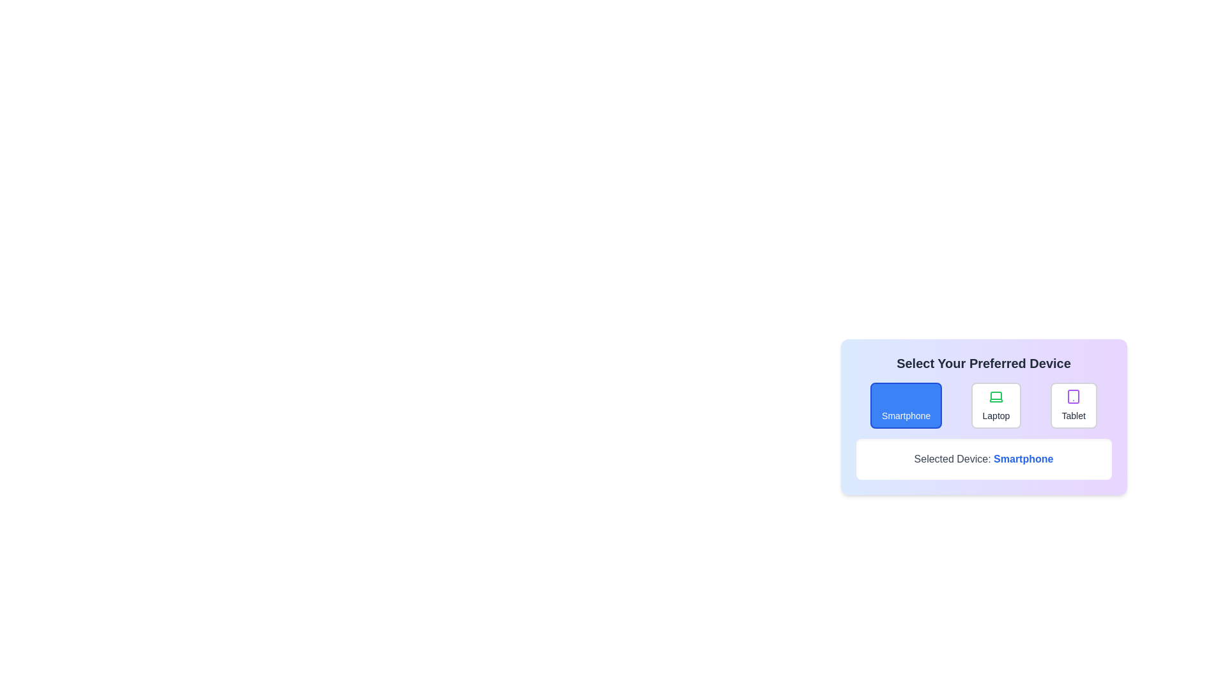  I want to click on the second button labeled 'Laptop' under the heading 'Select Your Preferred Device' to observe any hover effects, so click(983, 411).